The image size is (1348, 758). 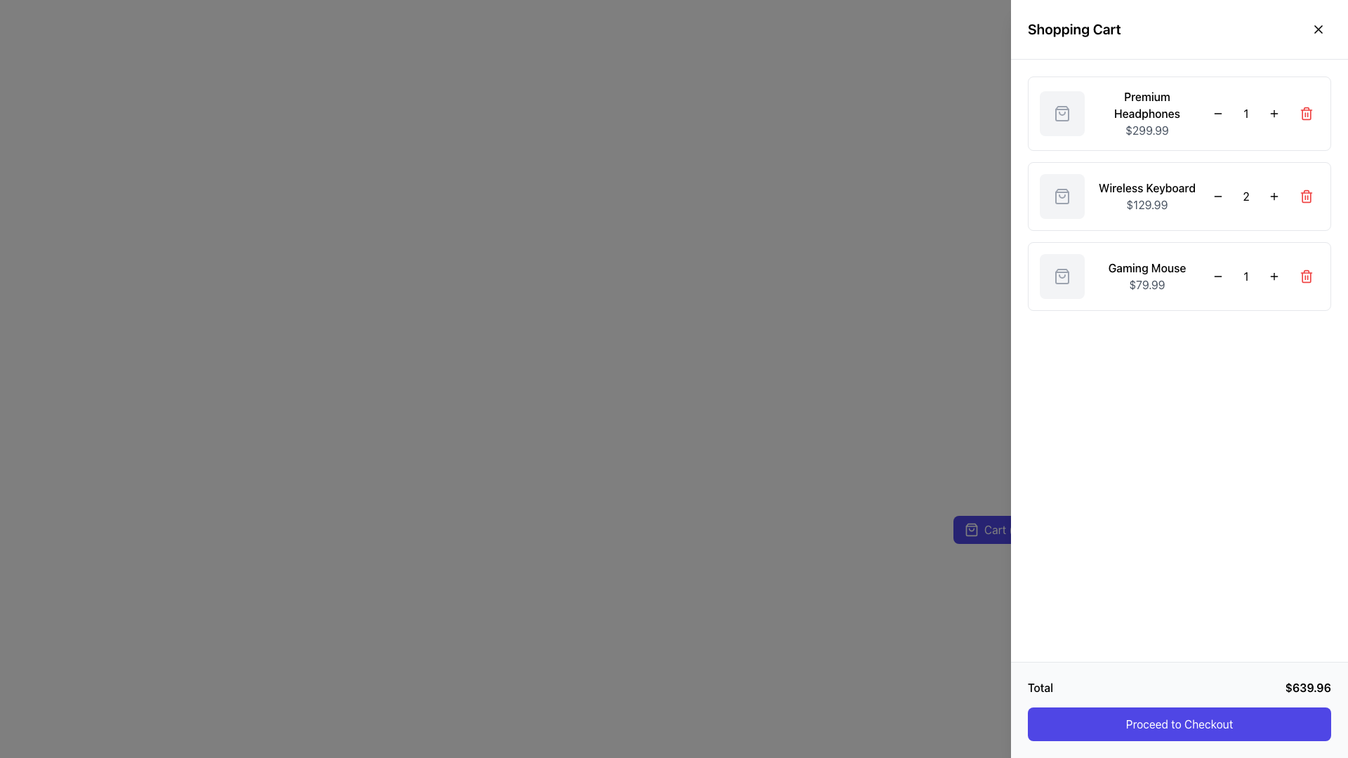 I want to click on the trash bin icon located to the right of the product entry in the shopping cart, so click(x=1306, y=197).